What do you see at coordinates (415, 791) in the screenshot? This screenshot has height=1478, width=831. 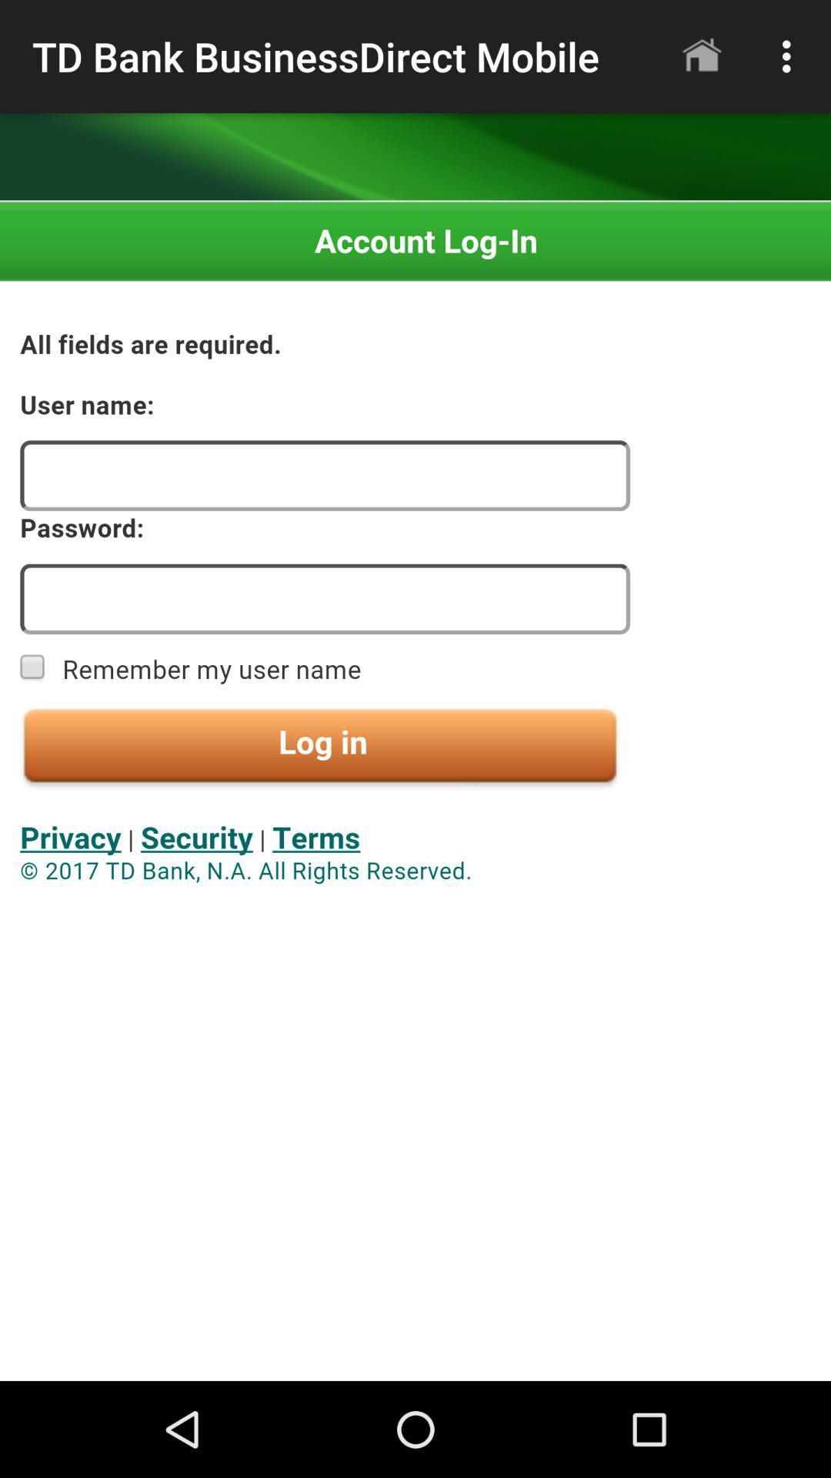 I see `account address page` at bounding box center [415, 791].